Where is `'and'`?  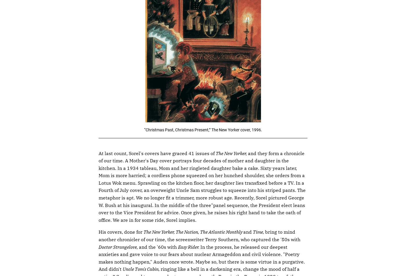
'and' is located at coordinates (248, 232).